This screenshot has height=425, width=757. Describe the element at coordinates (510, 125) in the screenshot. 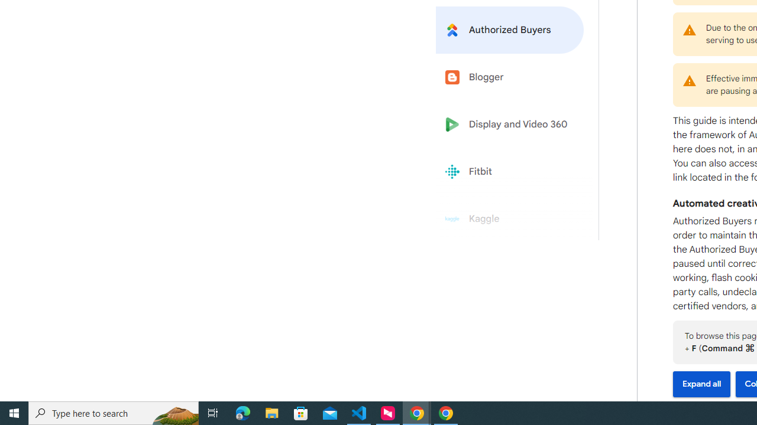

I see `'Display and Video 360'` at that location.